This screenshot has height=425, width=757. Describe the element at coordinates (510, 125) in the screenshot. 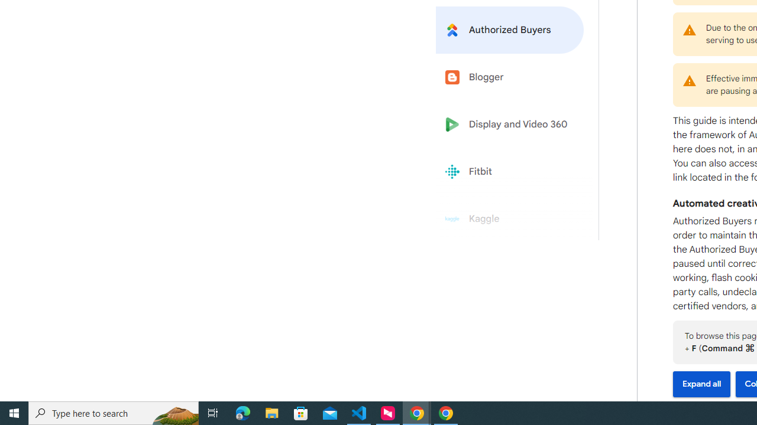

I see `'Display and Video 360'` at that location.